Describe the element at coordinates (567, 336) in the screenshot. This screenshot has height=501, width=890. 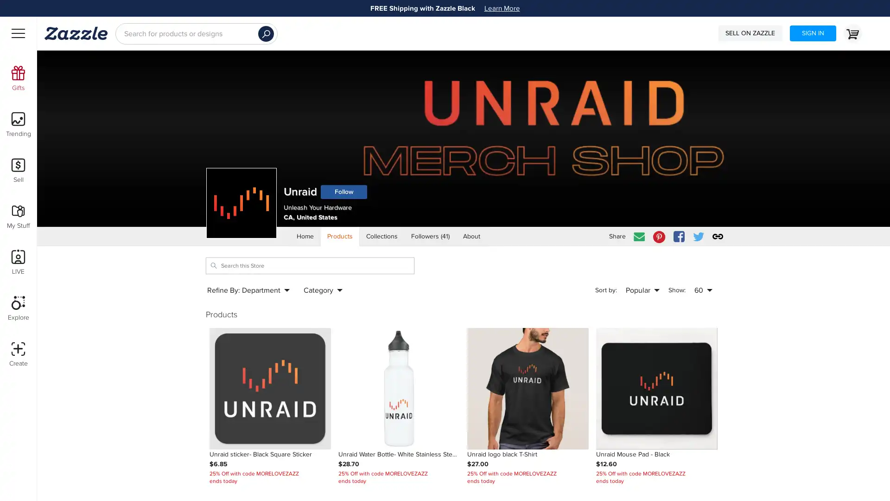
I see `Add to collection` at that location.